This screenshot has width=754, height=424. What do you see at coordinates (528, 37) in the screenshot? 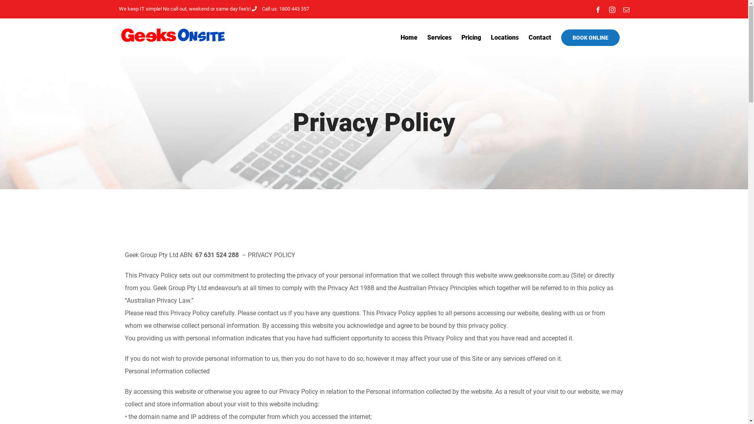
I see `'Contact'` at bounding box center [528, 37].